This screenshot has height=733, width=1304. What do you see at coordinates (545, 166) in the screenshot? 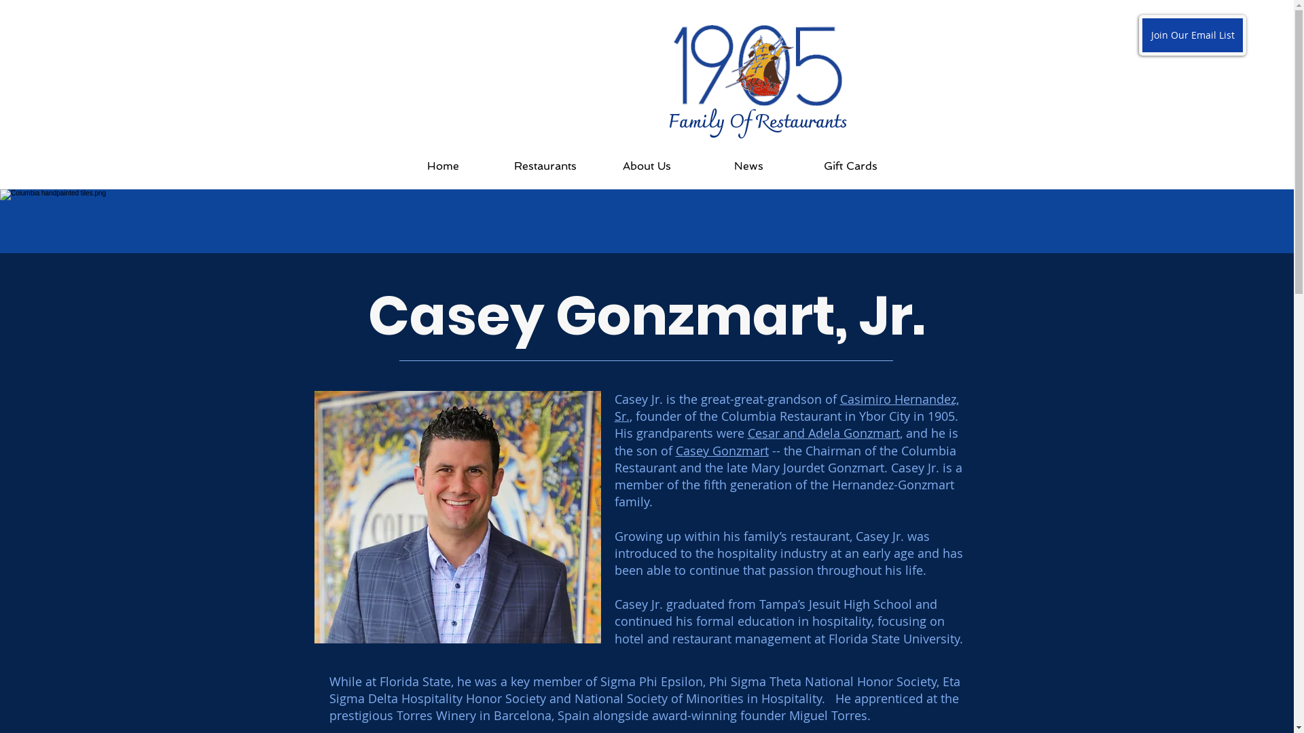
I see `'Restaurants'` at bounding box center [545, 166].